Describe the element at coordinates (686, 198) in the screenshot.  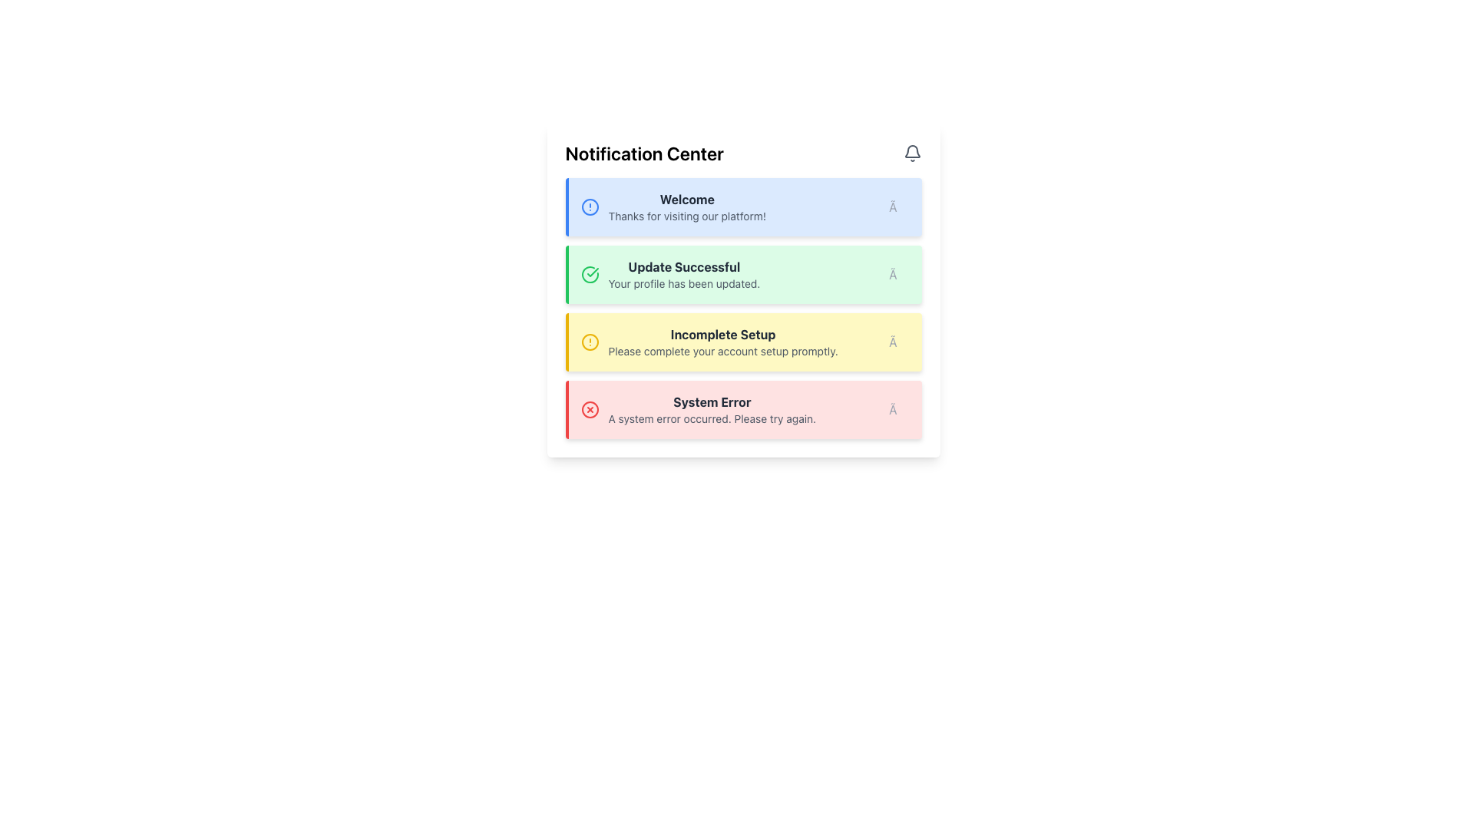
I see `the title text of the notification item that welcomes the user, located at the top left section of the notification box` at that location.